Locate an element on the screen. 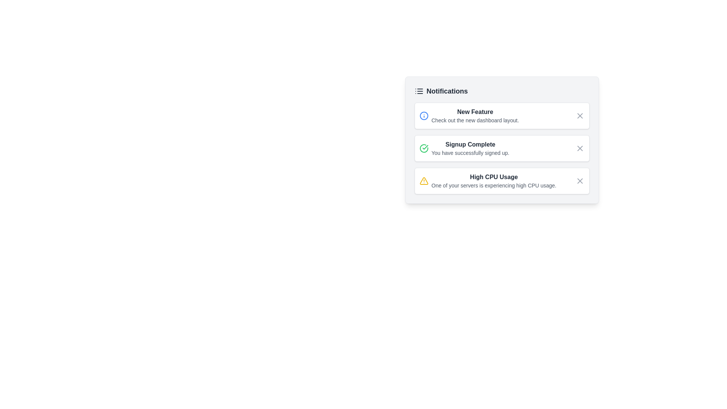  success message in the middle entry of the vertical notification list, which indicates the successful completion of the signup process is located at coordinates (470, 148).